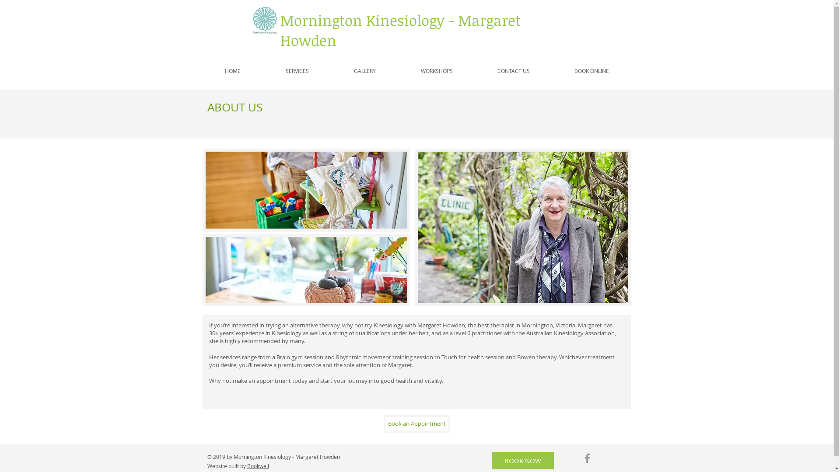 The height and width of the screenshot is (472, 840). I want to click on 'SERVICES', so click(297, 70).